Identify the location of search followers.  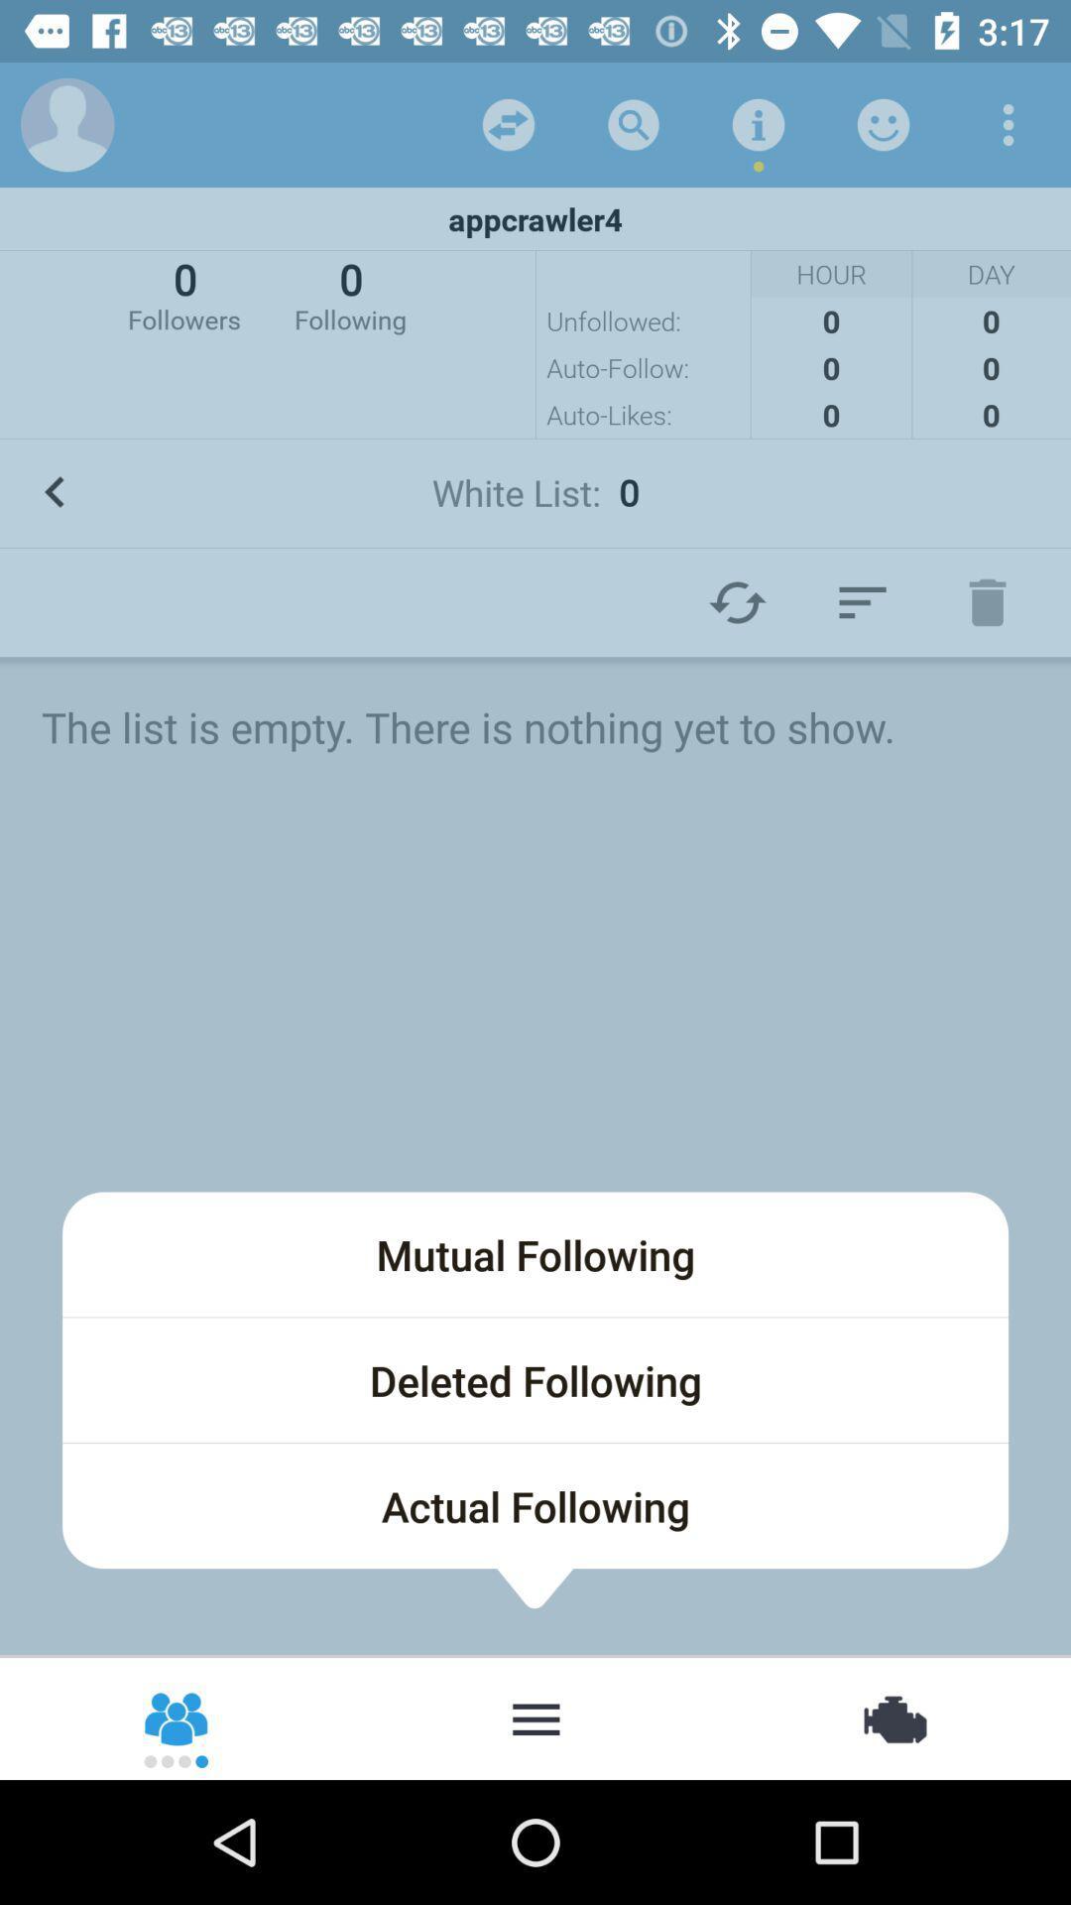
(535, 1716).